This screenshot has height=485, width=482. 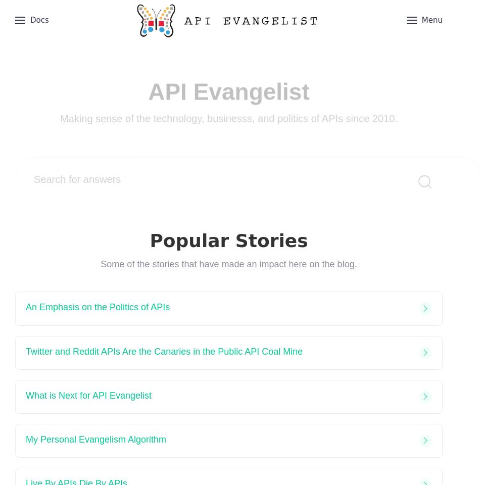 What do you see at coordinates (228, 240) in the screenshot?
I see `'Popular Stories'` at bounding box center [228, 240].